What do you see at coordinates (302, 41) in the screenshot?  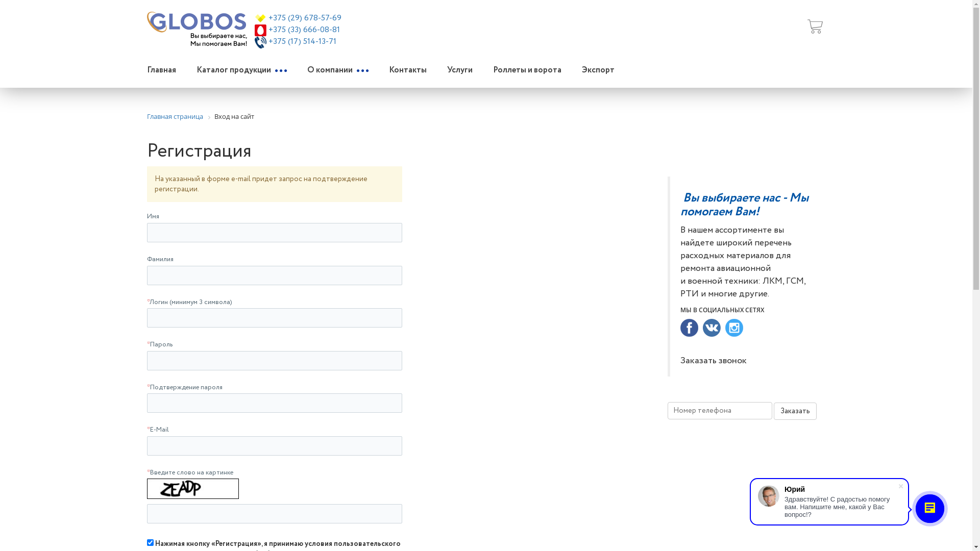 I see `'+375 (17) 514-13-71'` at bounding box center [302, 41].